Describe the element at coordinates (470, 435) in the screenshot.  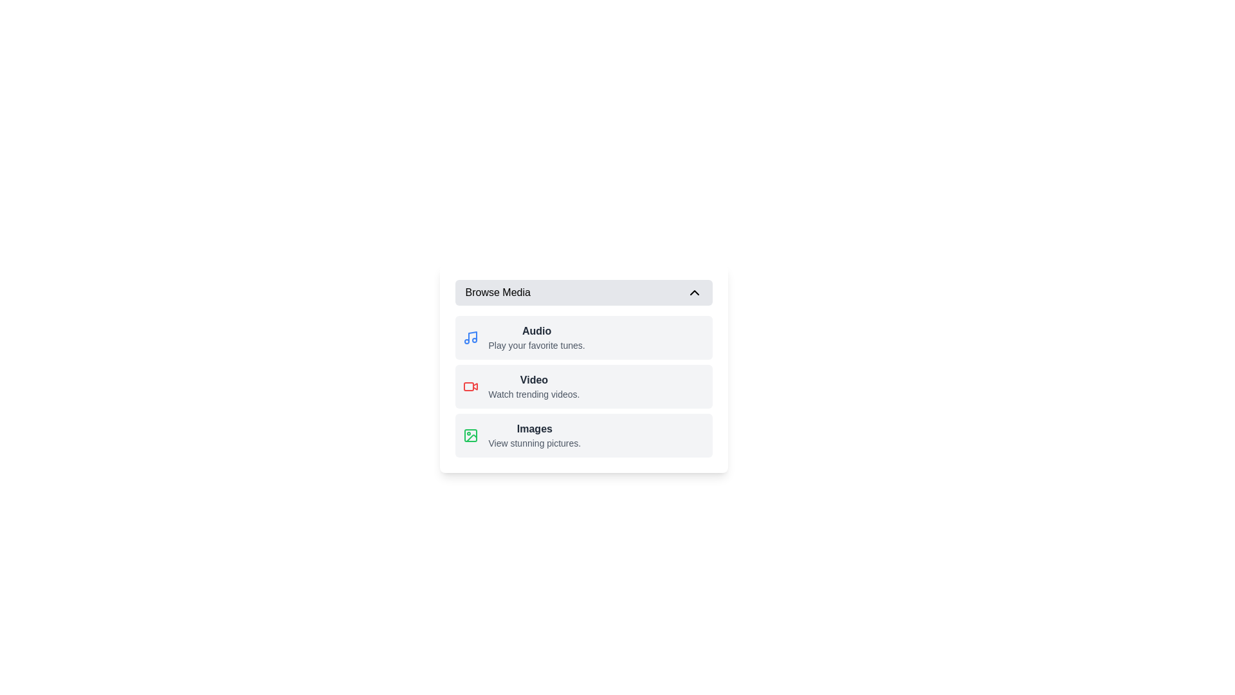
I see `the green-colored icon resembling a standard image icon, which is located to the far left of the text 'Images View stunning pictures.'` at that location.